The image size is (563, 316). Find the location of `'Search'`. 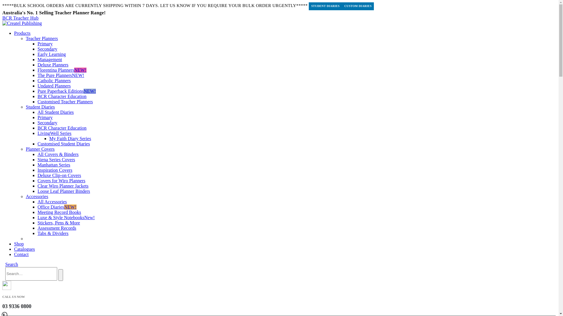

'Search' is located at coordinates (60, 275).